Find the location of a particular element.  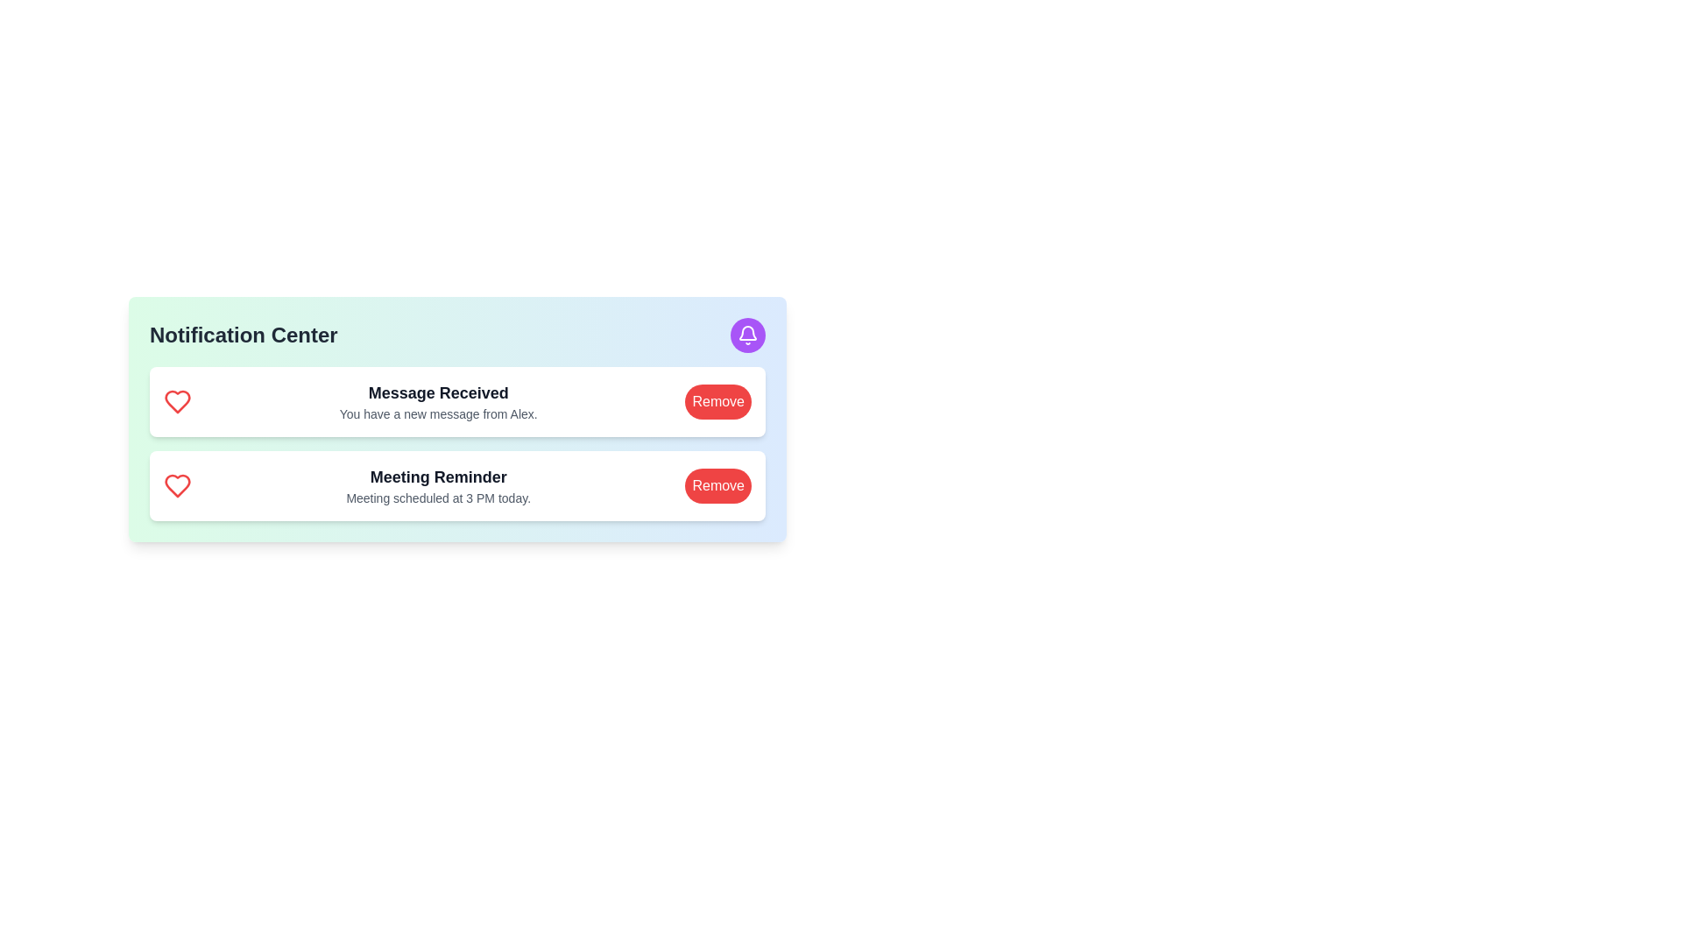

the circular purple button containing a white bell icon in the Notification Center to access notifications is located at coordinates (748, 335).